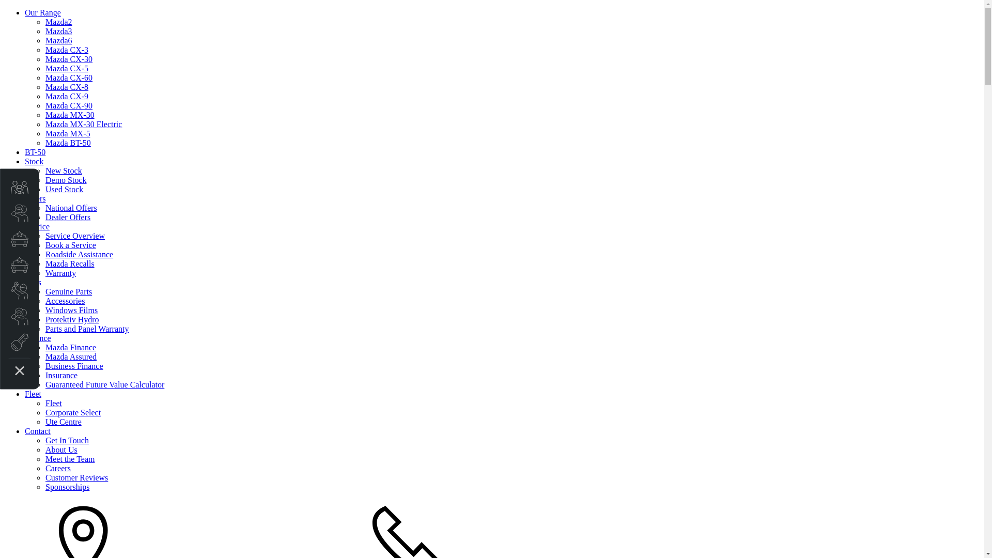  Describe the element at coordinates (84, 123) in the screenshot. I see `'Mazda MX-30 Electric'` at that location.